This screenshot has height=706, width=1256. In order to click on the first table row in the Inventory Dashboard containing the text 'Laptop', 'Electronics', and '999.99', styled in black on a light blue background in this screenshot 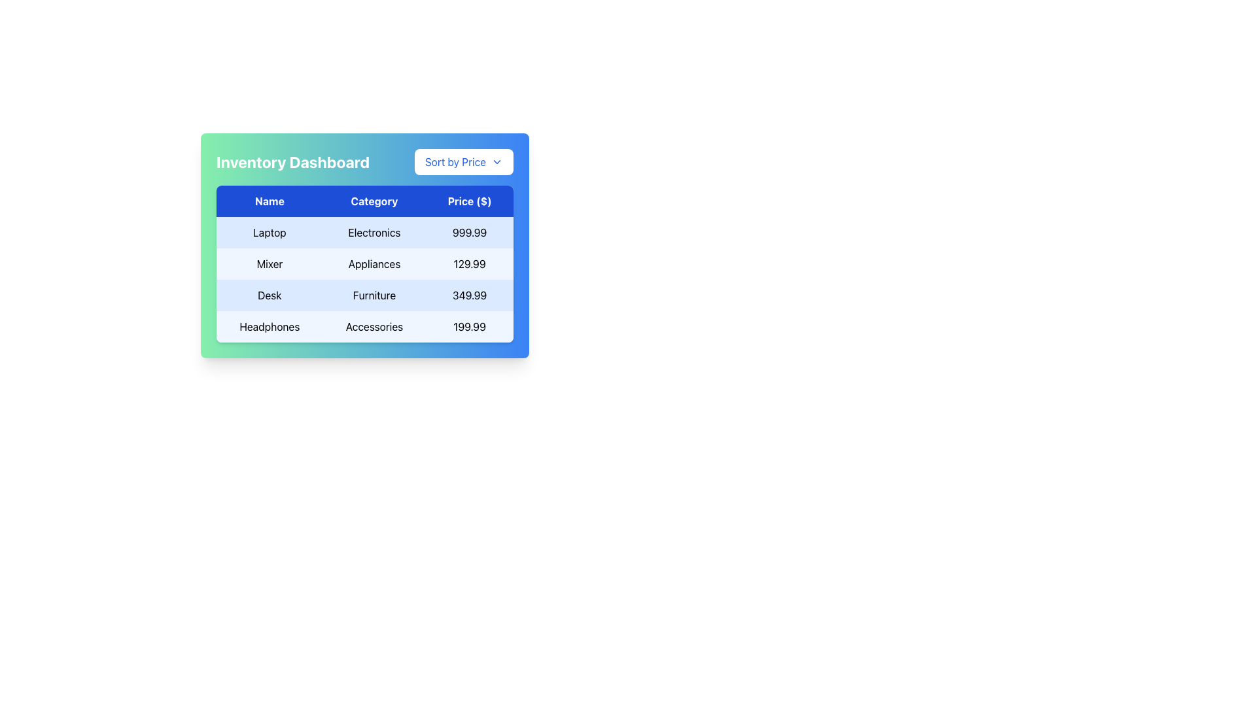, I will do `click(364, 231)`.